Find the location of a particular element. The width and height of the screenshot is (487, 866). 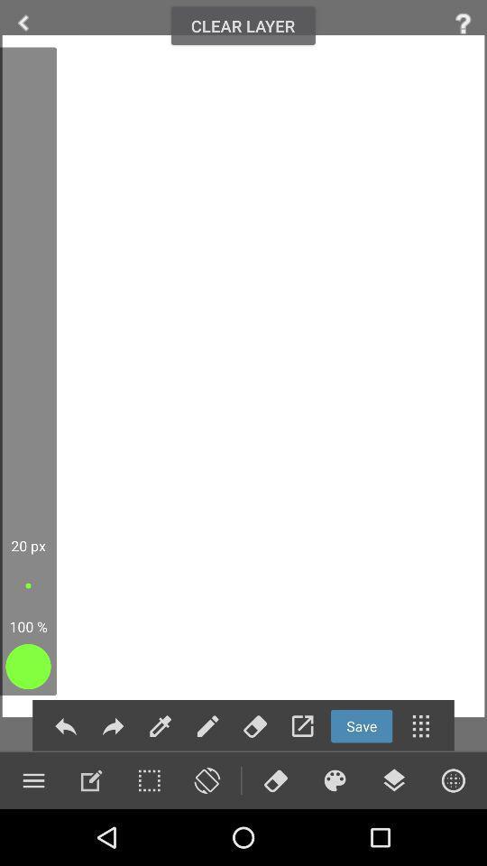

erase the option is located at coordinates (275, 779).